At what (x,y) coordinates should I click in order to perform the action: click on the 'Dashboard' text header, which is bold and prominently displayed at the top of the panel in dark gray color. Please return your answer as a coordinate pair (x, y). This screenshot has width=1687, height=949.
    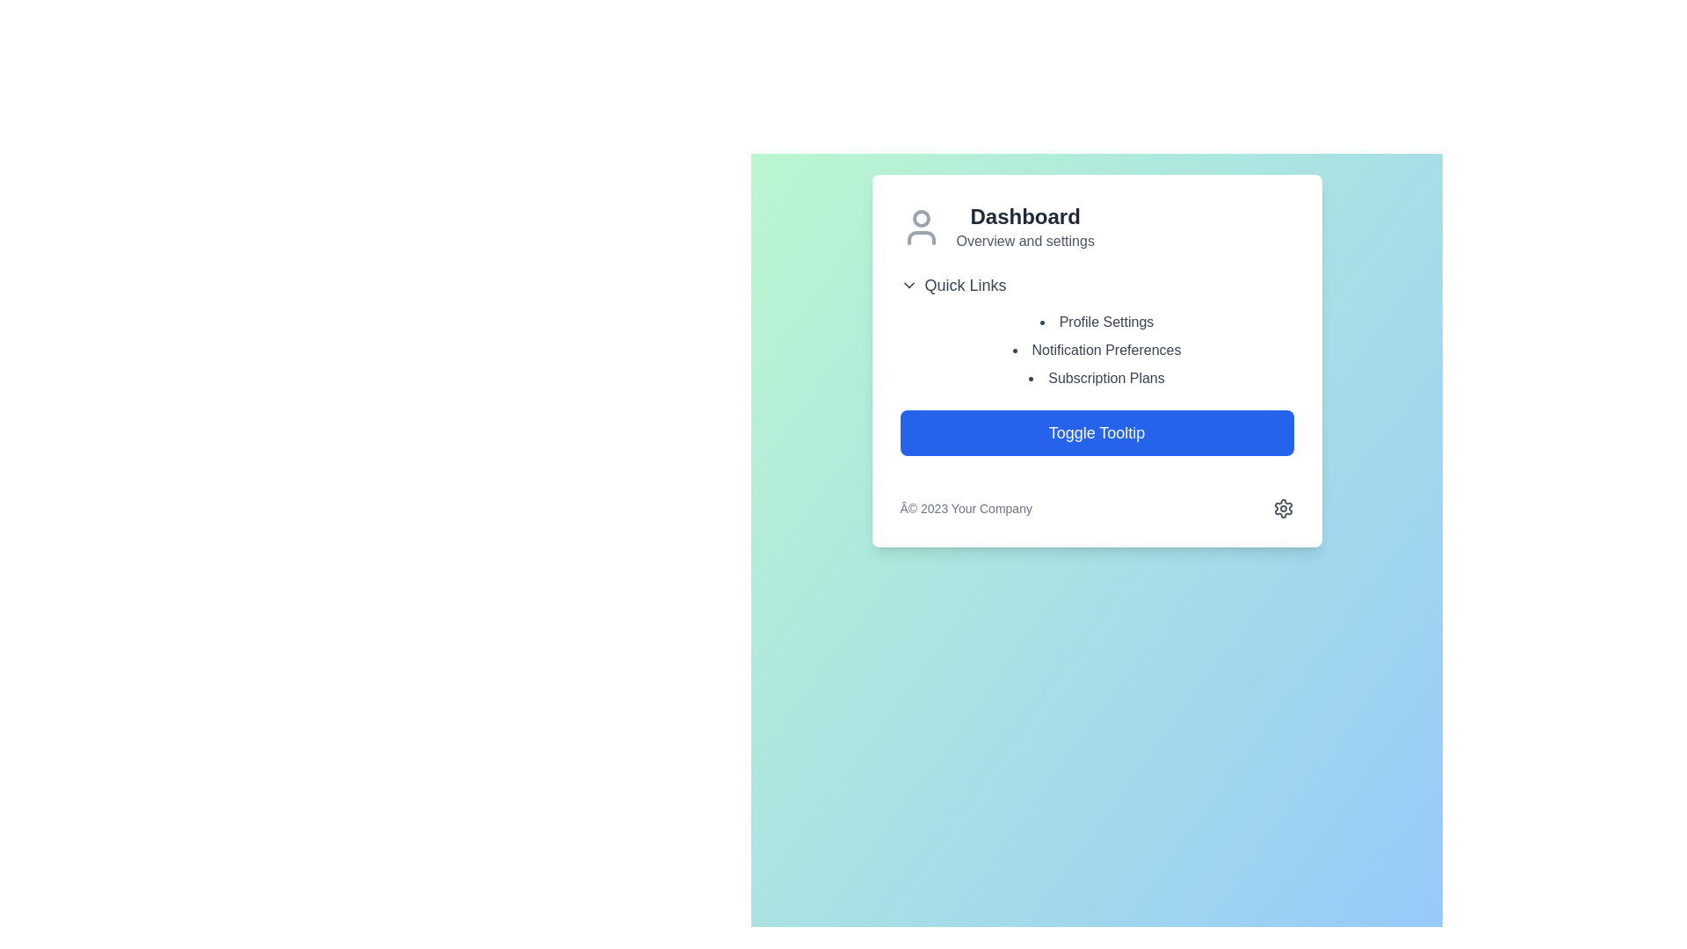
    Looking at the image, I should click on (1025, 215).